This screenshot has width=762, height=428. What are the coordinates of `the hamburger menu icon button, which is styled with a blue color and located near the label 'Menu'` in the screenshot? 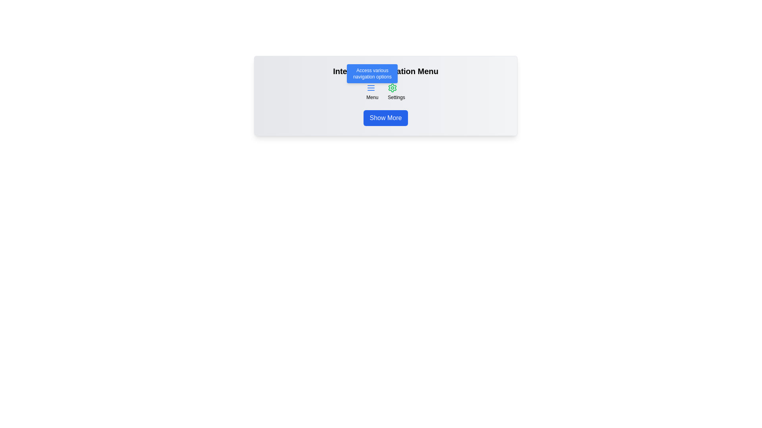 It's located at (371, 88).